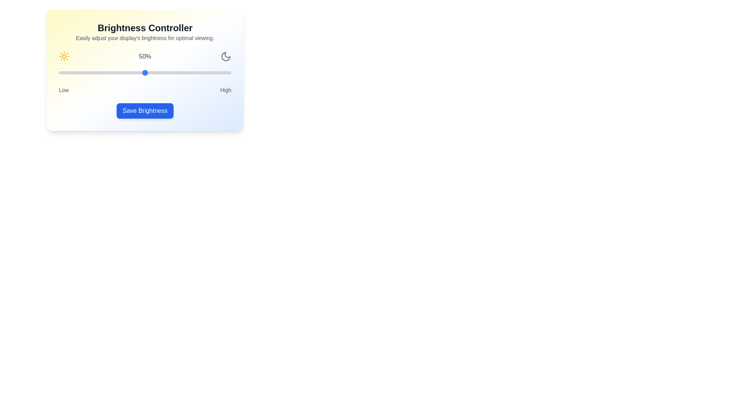 The height and width of the screenshot is (416, 739). Describe the element at coordinates (214, 73) in the screenshot. I see `the brightness slider to 90%` at that location.